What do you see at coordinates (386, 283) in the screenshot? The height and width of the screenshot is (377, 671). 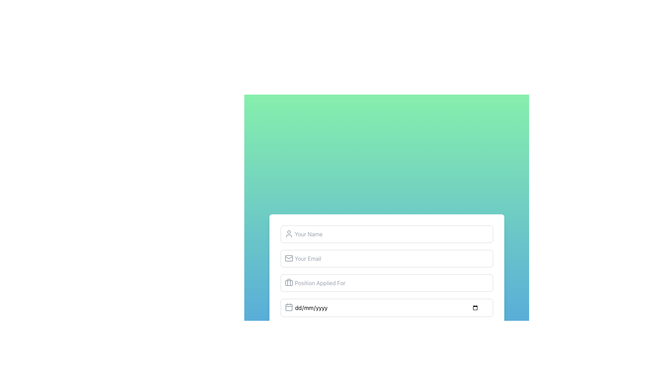 I see `the third input field in the job application form to focus and type the position being applied for` at bounding box center [386, 283].